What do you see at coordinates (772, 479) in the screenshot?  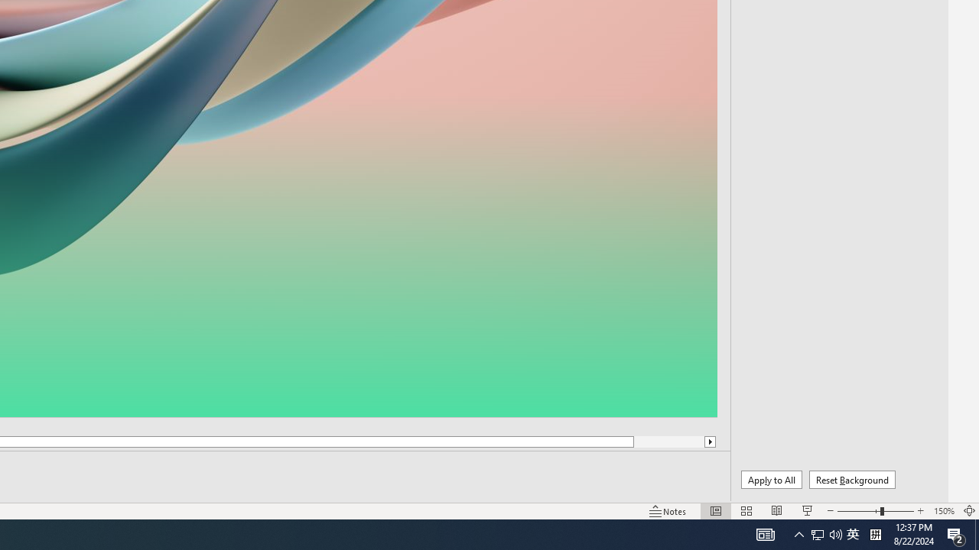 I see `'Apply to All'` at bounding box center [772, 479].